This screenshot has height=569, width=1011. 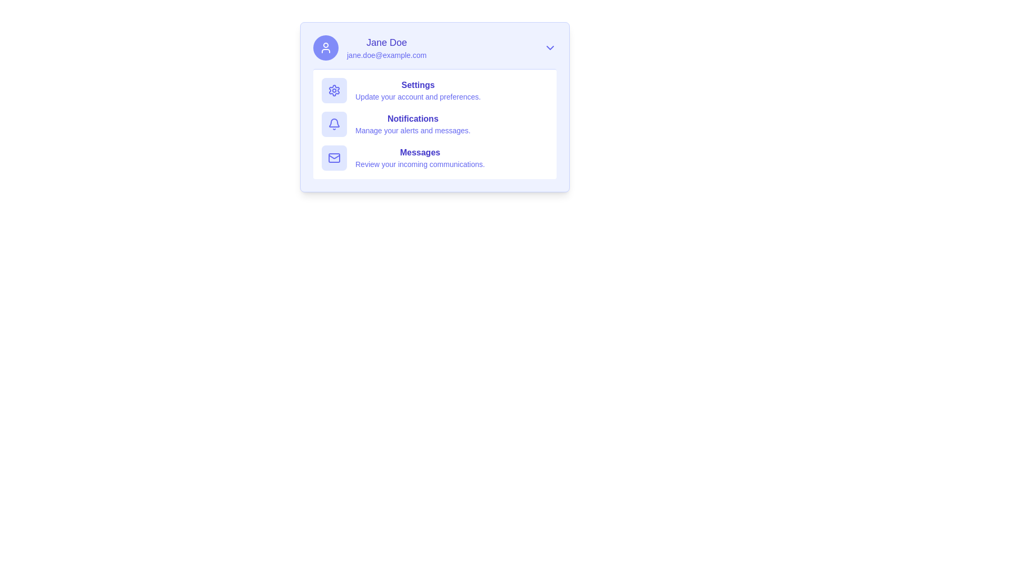 What do you see at coordinates (412, 123) in the screenshot?
I see `the second menu list item for managing notifications and messages for keyboard navigation` at bounding box center [412, 123].